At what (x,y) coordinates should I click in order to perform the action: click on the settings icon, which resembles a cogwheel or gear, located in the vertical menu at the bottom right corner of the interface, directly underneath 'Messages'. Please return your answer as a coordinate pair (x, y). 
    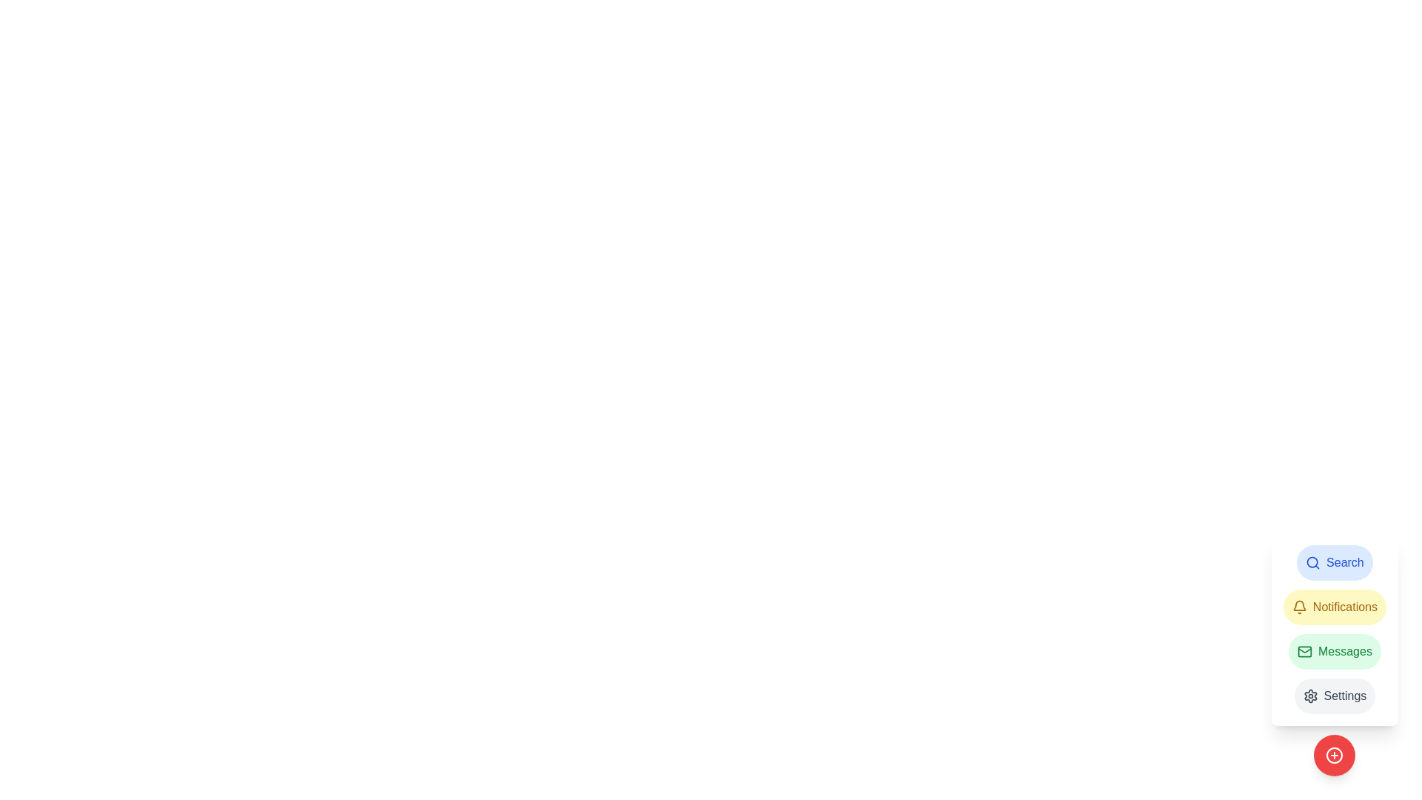
    Looking at the image, I should click on (1310, 696).